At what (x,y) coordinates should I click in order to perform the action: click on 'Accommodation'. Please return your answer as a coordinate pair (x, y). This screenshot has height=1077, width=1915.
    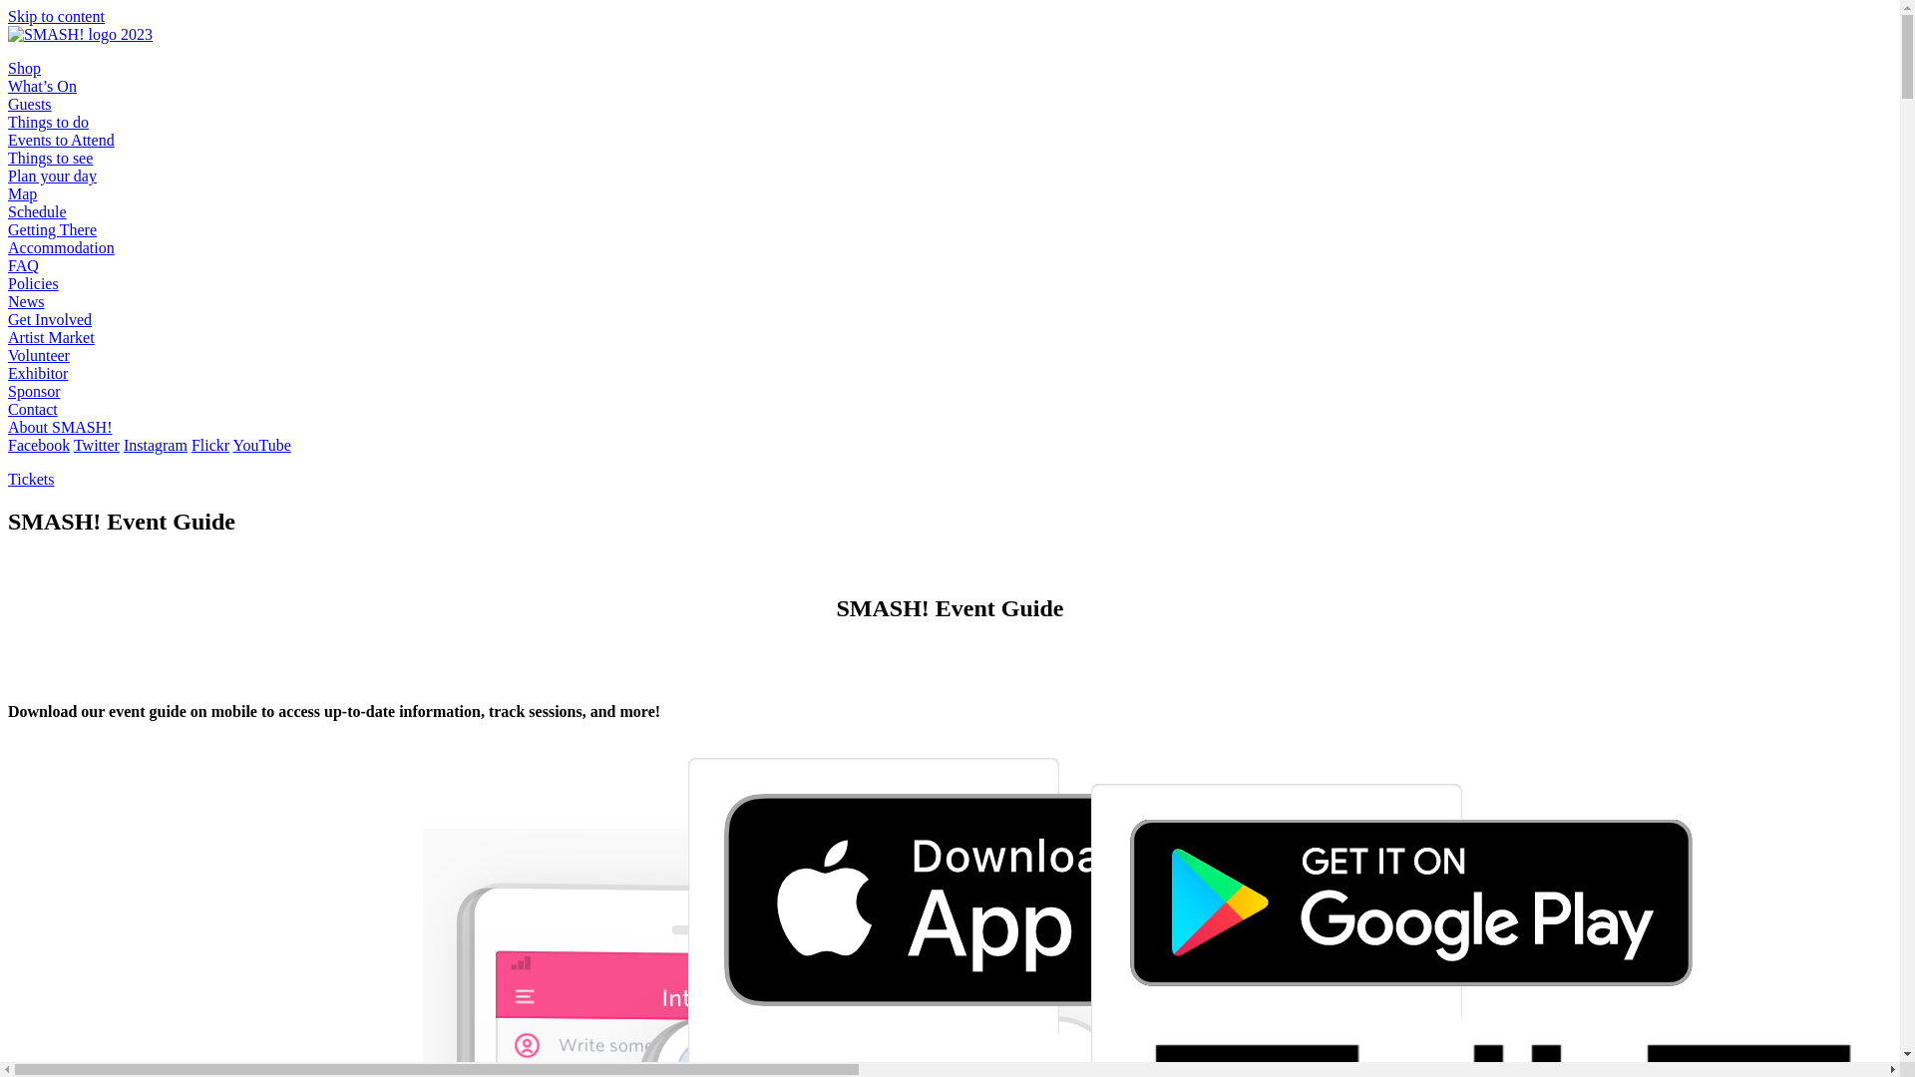
    Looking at the image, I should click on (8, 246).